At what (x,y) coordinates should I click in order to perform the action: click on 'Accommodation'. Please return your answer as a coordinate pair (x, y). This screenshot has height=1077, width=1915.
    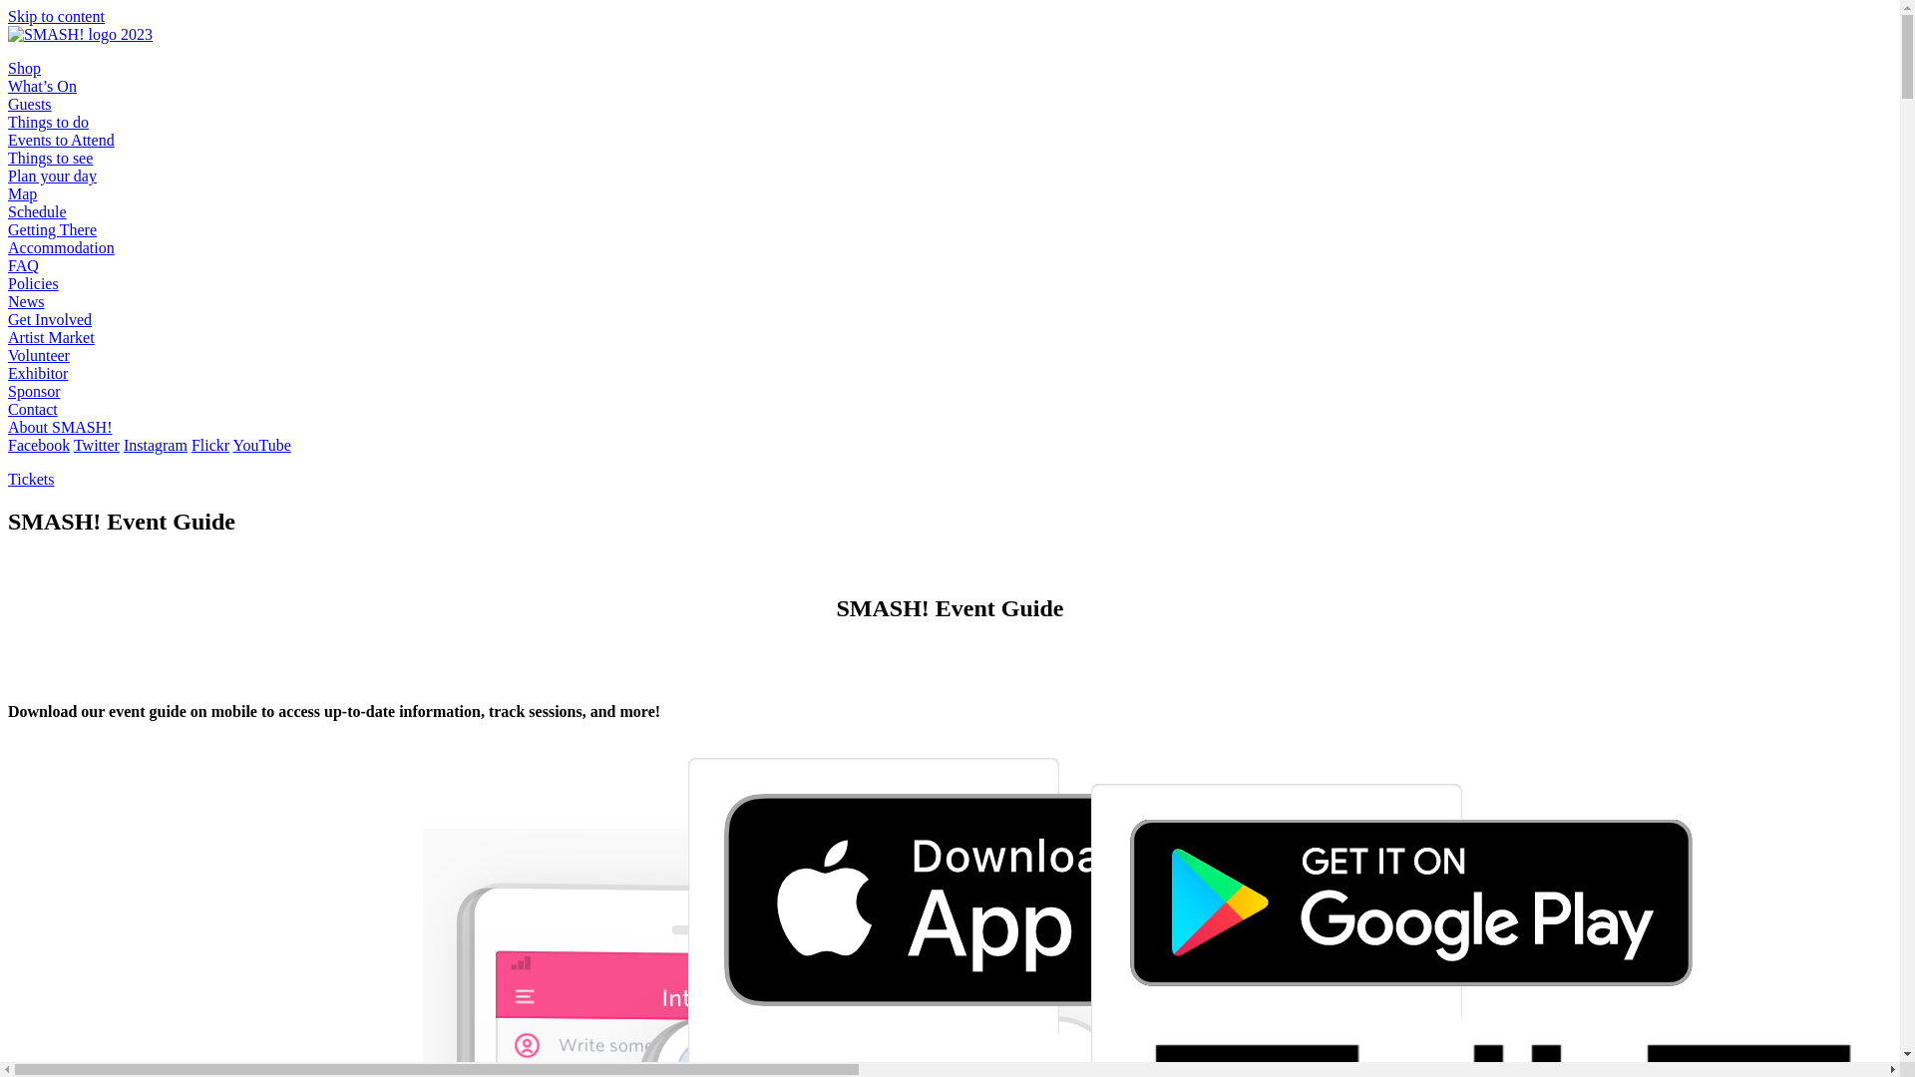
    Looking at the image, I should click on (8, 246).